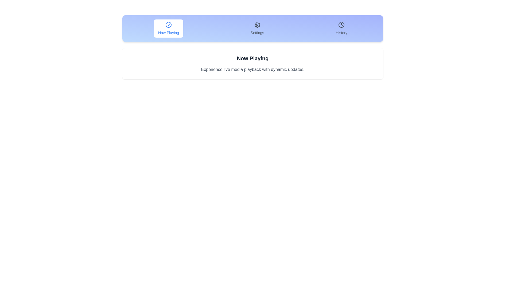  Describe the element at coordinates (168, 29) in the screenshot. I see `the Now Playing tab to switch the content` at that location.